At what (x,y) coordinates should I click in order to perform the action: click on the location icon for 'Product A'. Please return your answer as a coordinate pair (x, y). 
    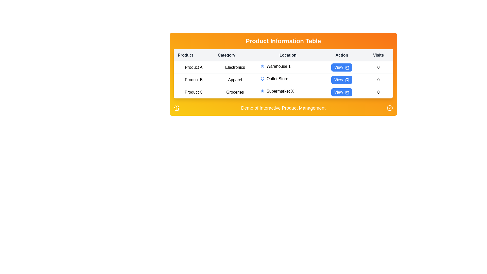
    Looking at the image, I should click on (263, 66).